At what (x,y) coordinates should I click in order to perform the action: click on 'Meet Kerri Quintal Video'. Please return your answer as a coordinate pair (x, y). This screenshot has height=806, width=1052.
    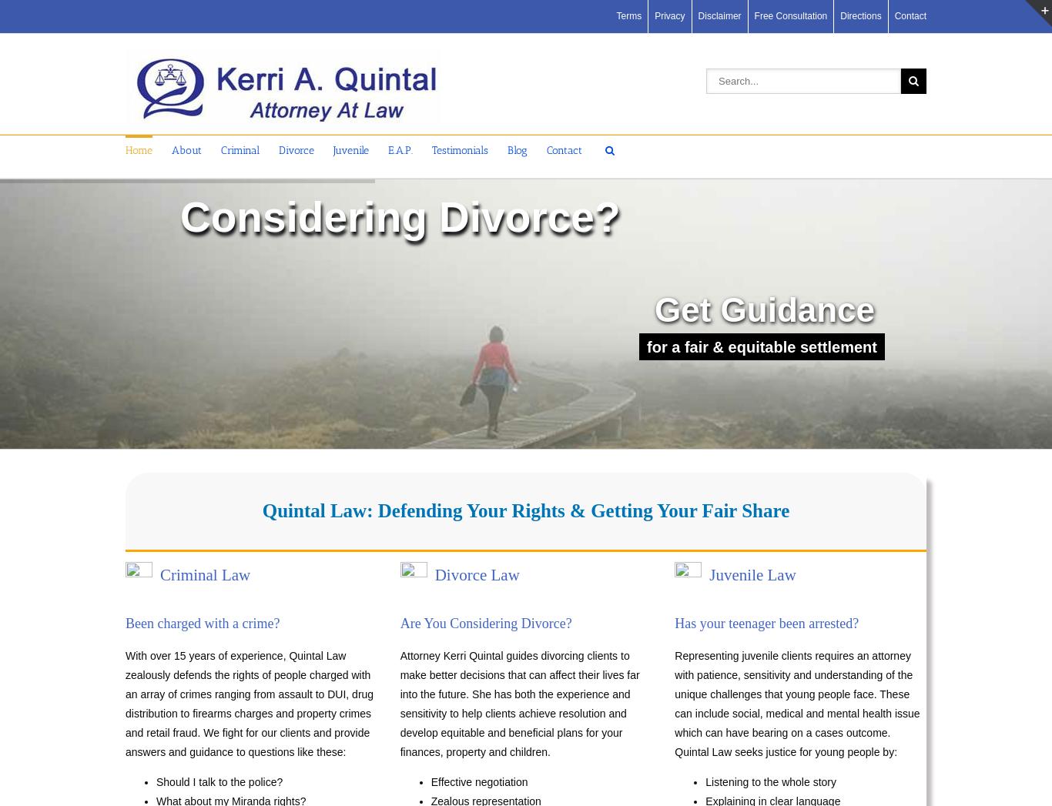
    Looking at the image, I should click on (227, 269).